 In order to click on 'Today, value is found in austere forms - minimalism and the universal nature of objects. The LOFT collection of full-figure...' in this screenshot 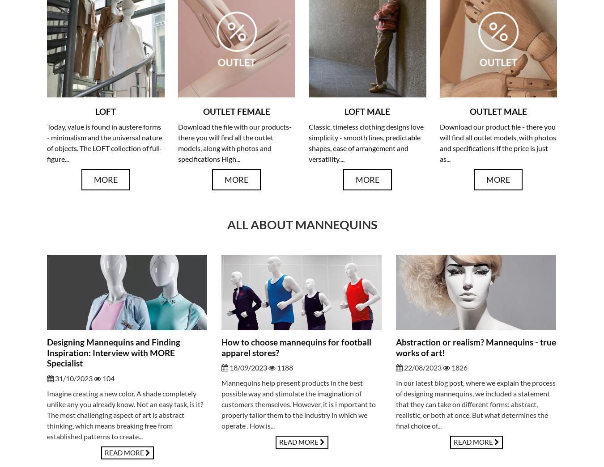, I will do `click(104, 143)`.